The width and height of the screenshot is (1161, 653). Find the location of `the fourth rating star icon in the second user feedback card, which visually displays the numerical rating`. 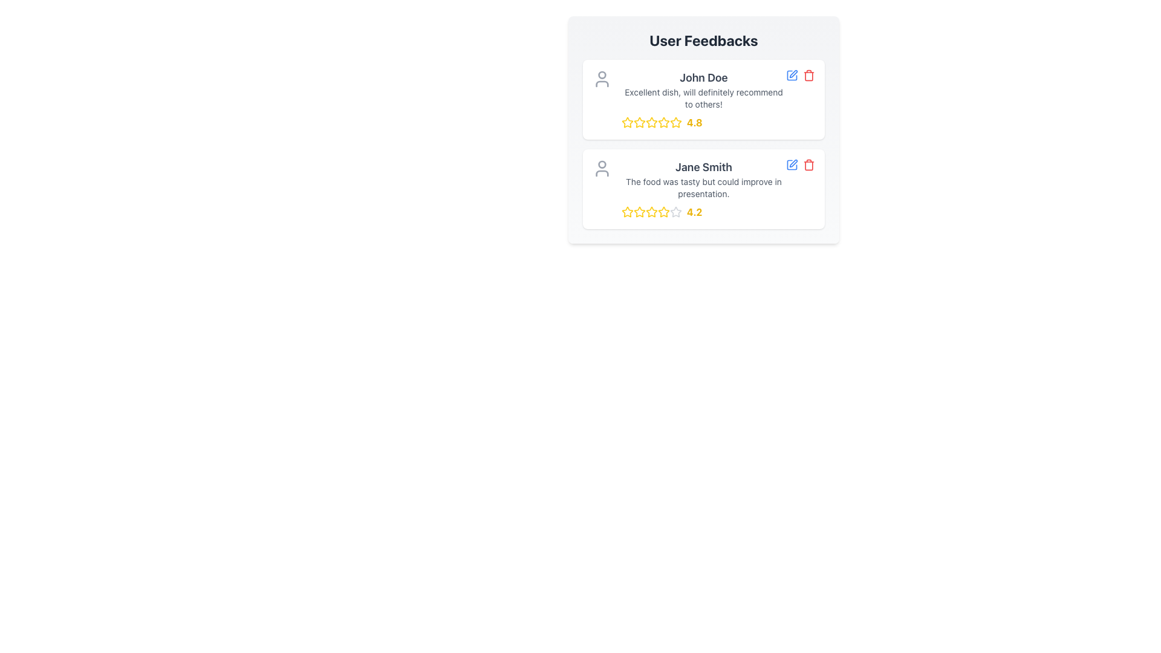

the fourth rating star icon in the second user feedback card, which visually displays the numerical rating is located at coordinates (663, 211).